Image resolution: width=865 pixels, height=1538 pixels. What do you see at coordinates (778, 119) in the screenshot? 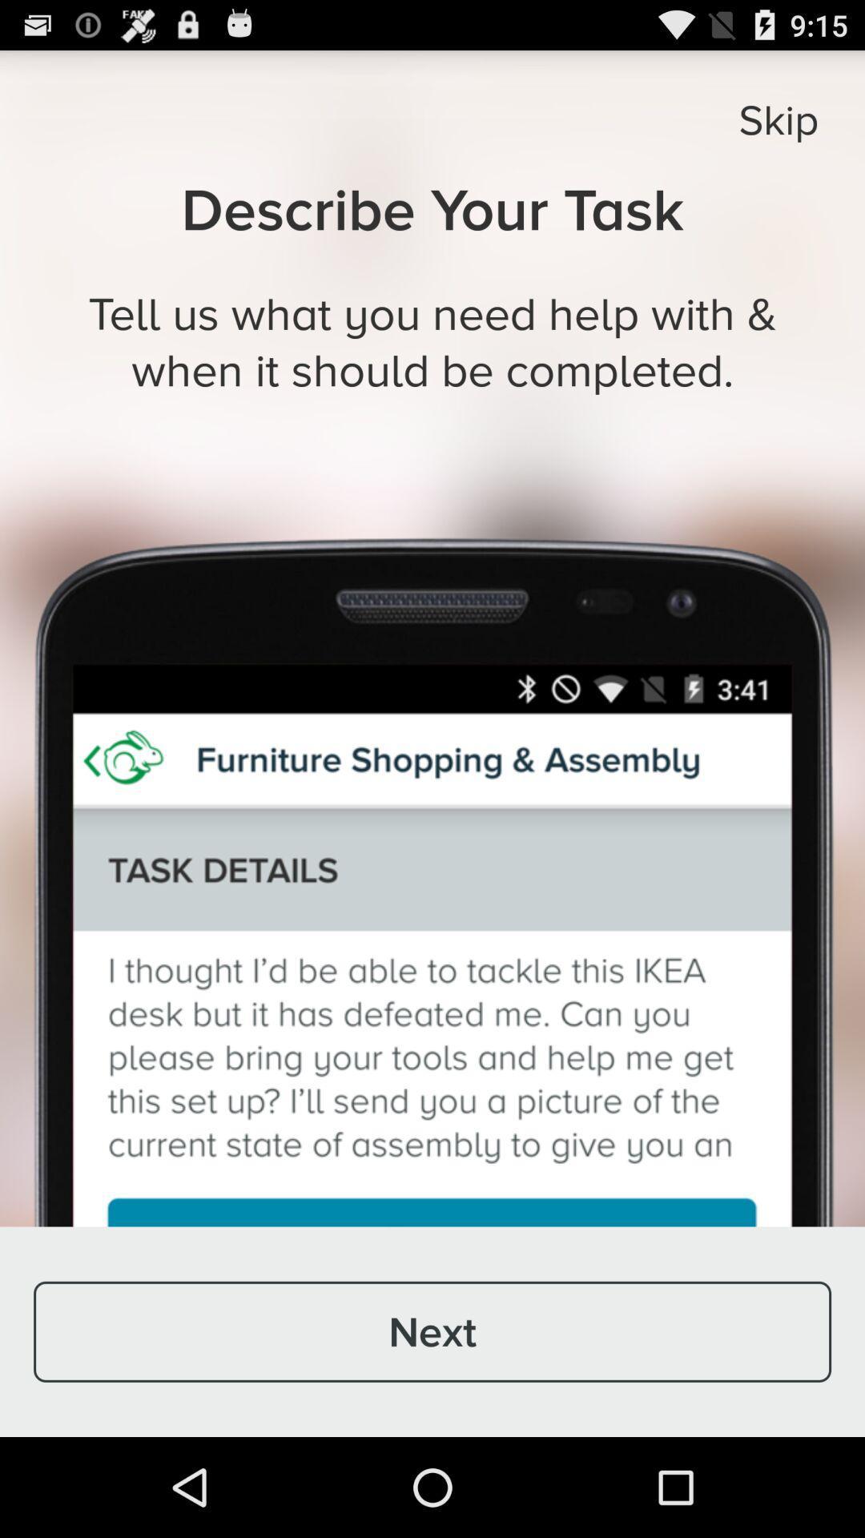
I see `skip` at bounding box center [778, 119].